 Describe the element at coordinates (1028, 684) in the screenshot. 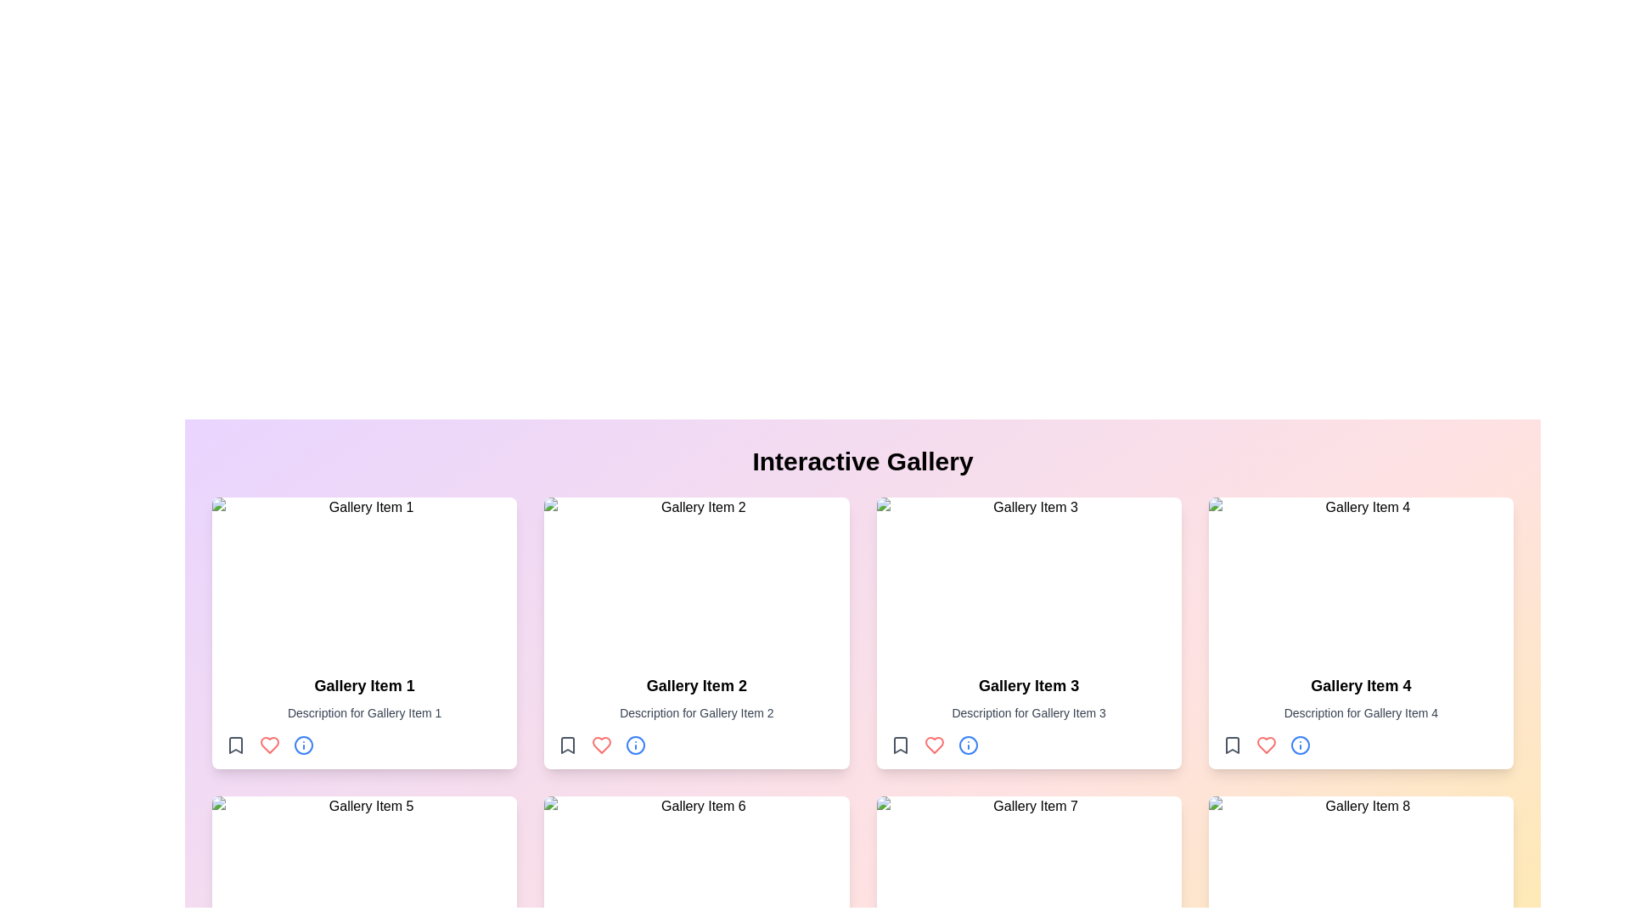

I see `the bold text label reading 'Gallery Item 3' located in the third gallery card of the interactive gallery grid` at that location.